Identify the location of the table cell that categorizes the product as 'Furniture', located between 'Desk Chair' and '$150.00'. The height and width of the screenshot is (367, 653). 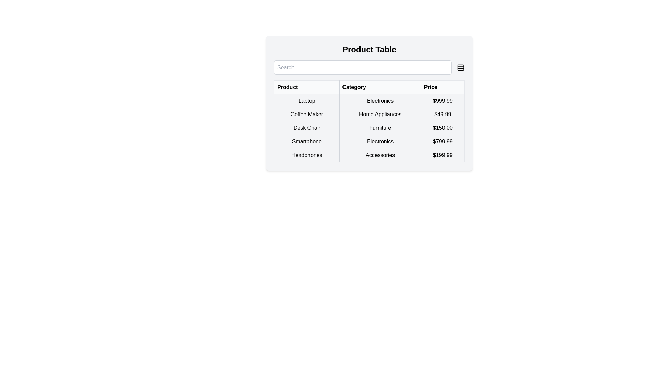
(380, 128).